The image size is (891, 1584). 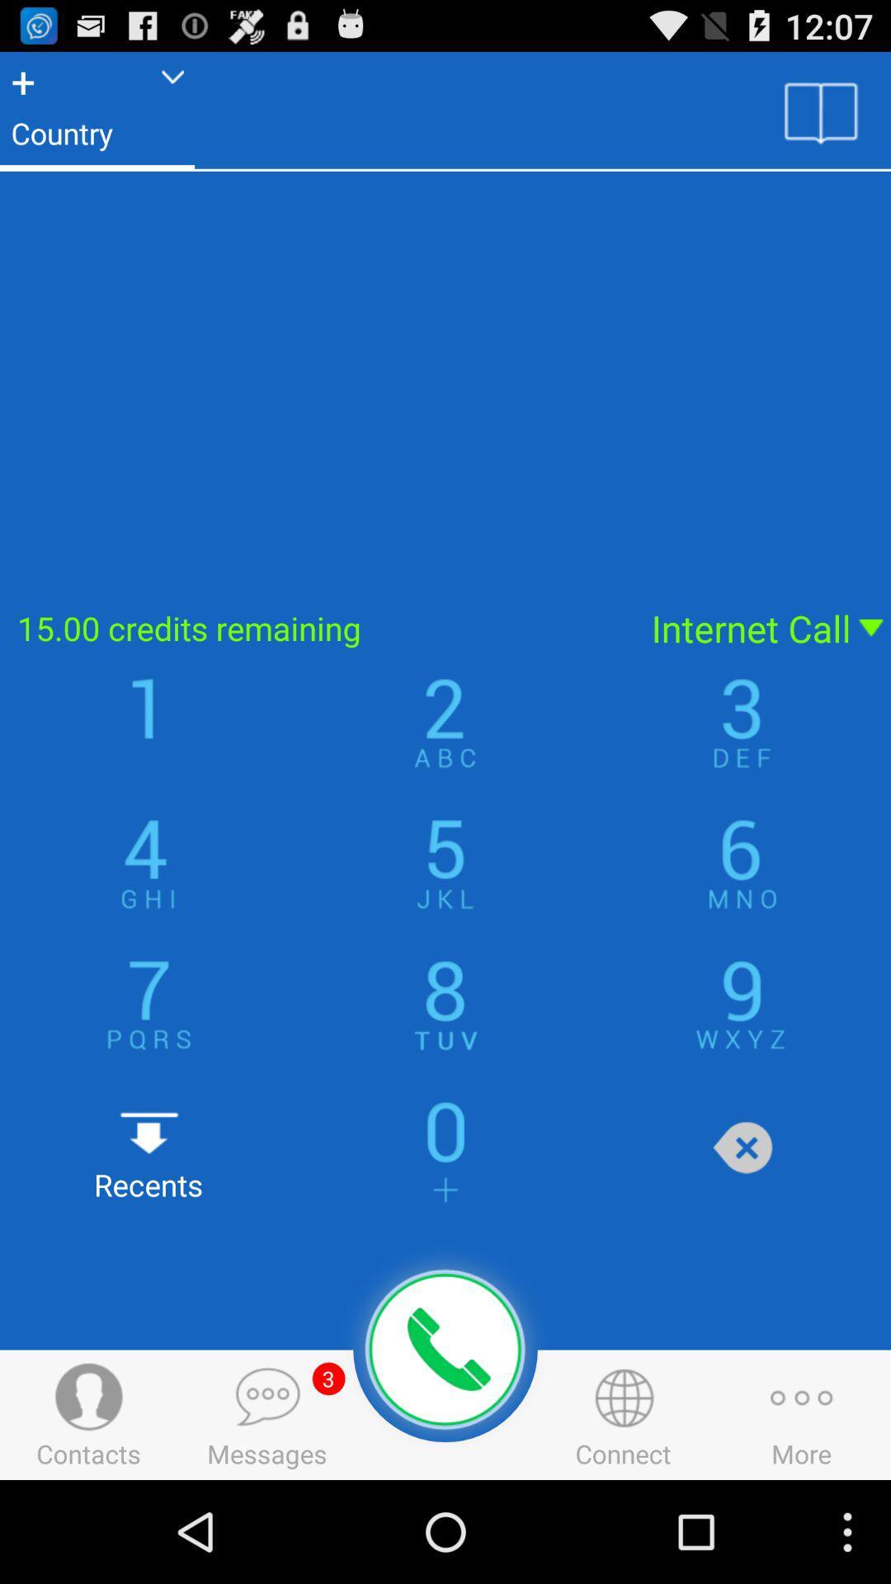 I want to click on item next to internet call app, so click(x=315, y=627).